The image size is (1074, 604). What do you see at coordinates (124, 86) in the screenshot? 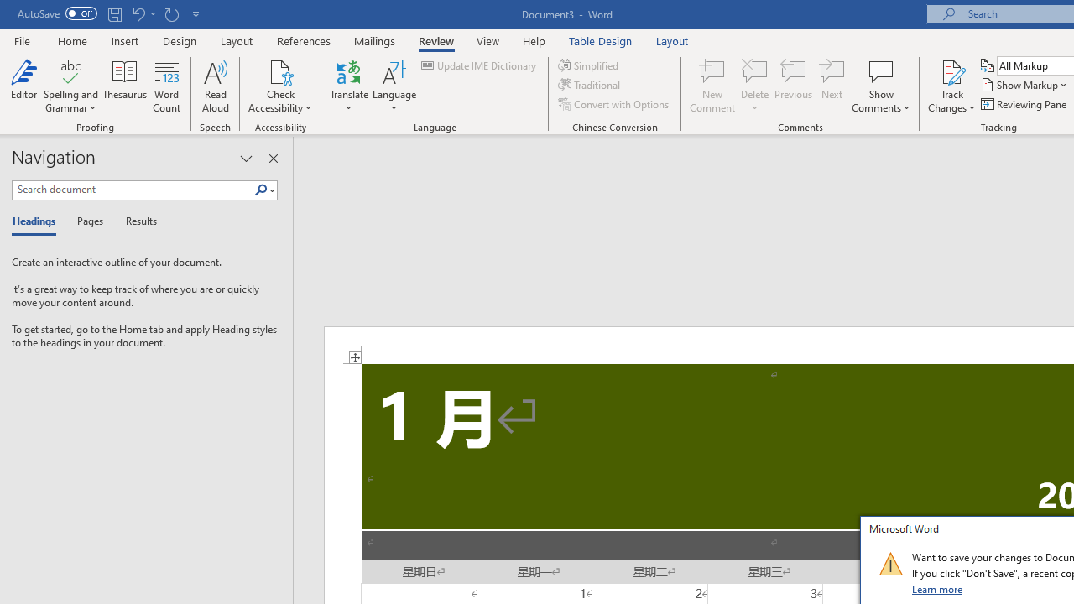
I see `'Thesaurus...'` at bounding box center [124, 86].